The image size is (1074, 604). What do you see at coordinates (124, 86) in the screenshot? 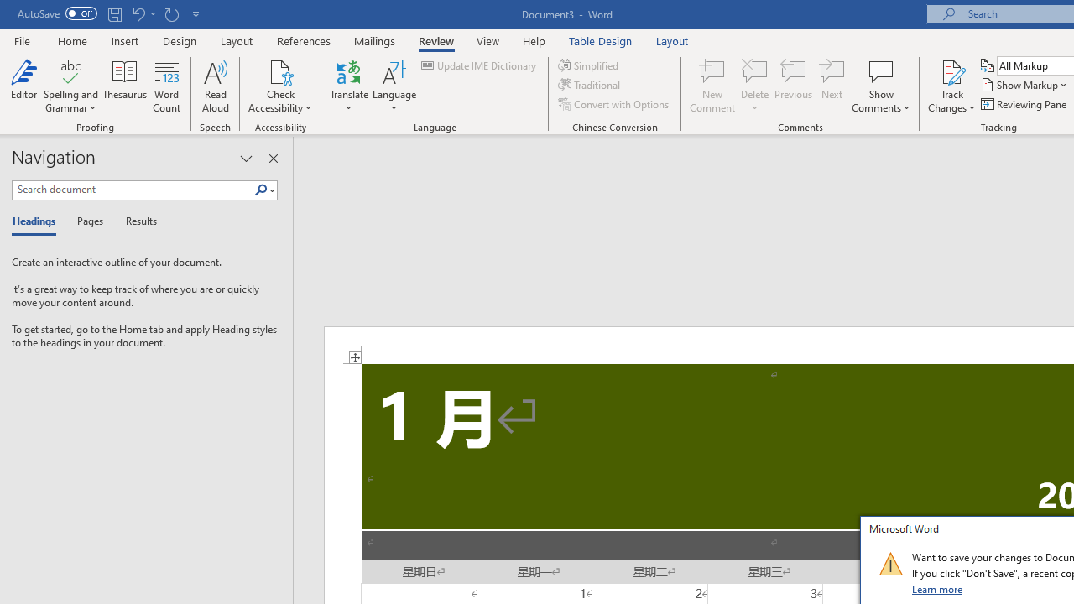
I see `'Thesaurus...'` at bounding box center [124, 86].